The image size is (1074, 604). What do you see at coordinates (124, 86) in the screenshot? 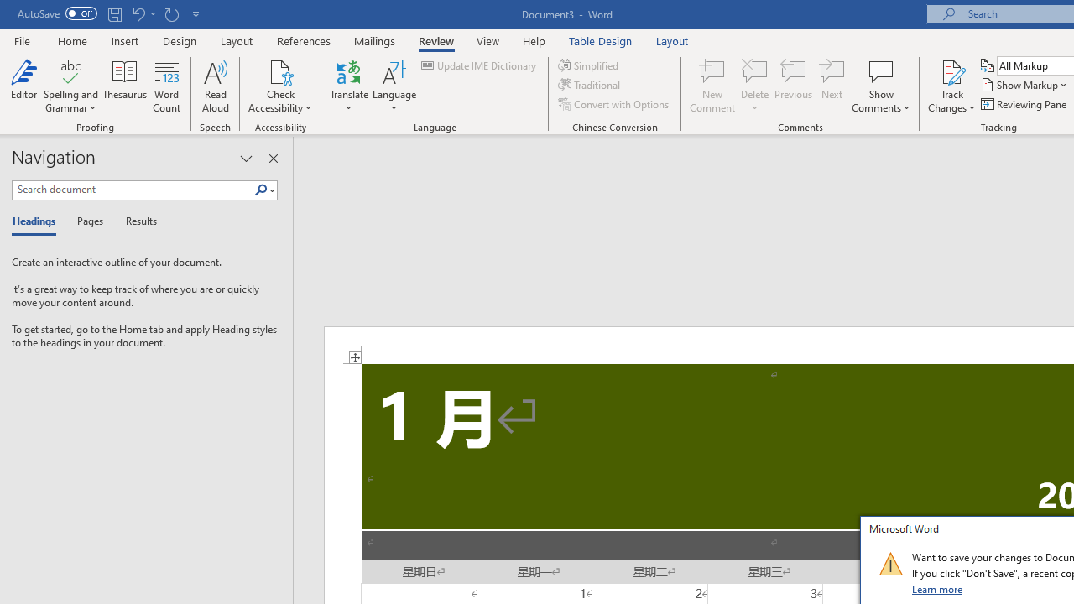
I see `'Thesaurus...'` at bounding box center [124, 86].